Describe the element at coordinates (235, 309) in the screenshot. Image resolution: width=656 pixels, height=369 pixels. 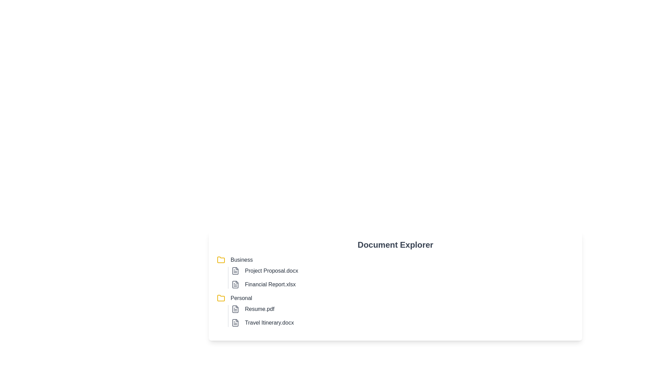
I see `the document icon element represented by a gray-stroked, white-filled rectangular outline, located to the left of 'Resume.pdf' under the 'Personal' folder in the 'Document Explorer'` at that location.